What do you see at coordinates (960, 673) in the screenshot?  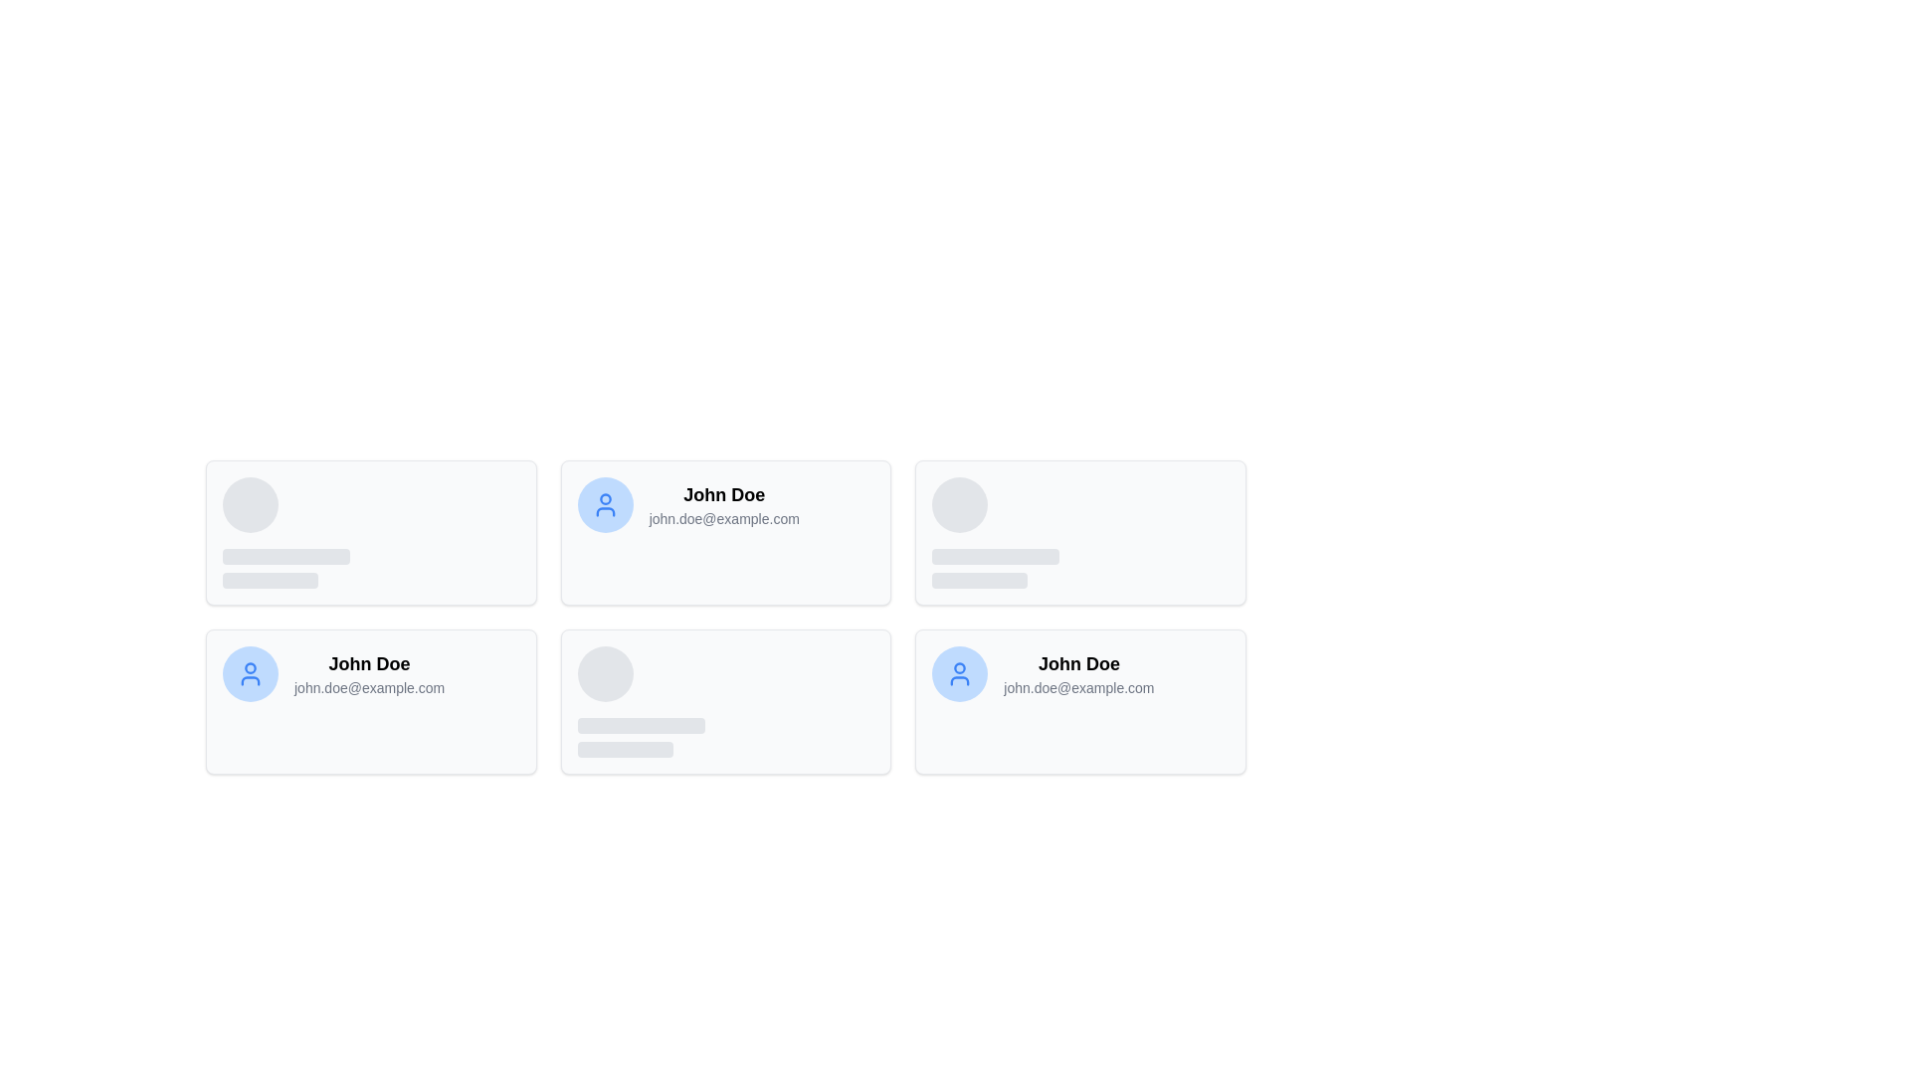 I see `the user profile icon, which is represented as a circular outline with a blue tone on a light blue circular background, located at the top left corner of a tile card in the grid layout` at bounding box center [960, 673].